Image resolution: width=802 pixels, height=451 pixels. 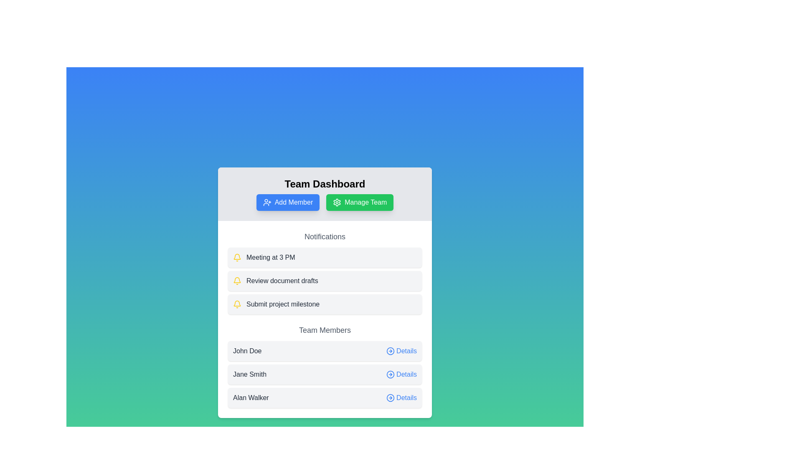 What do you see at coordinates (266, 203) in the screenshot?
I see `the graphical indication of the icon representing 'Add Member', located to the left of the blue button labeled 'Add Member' in the header section of the UI` at bounding box center [266, 203].